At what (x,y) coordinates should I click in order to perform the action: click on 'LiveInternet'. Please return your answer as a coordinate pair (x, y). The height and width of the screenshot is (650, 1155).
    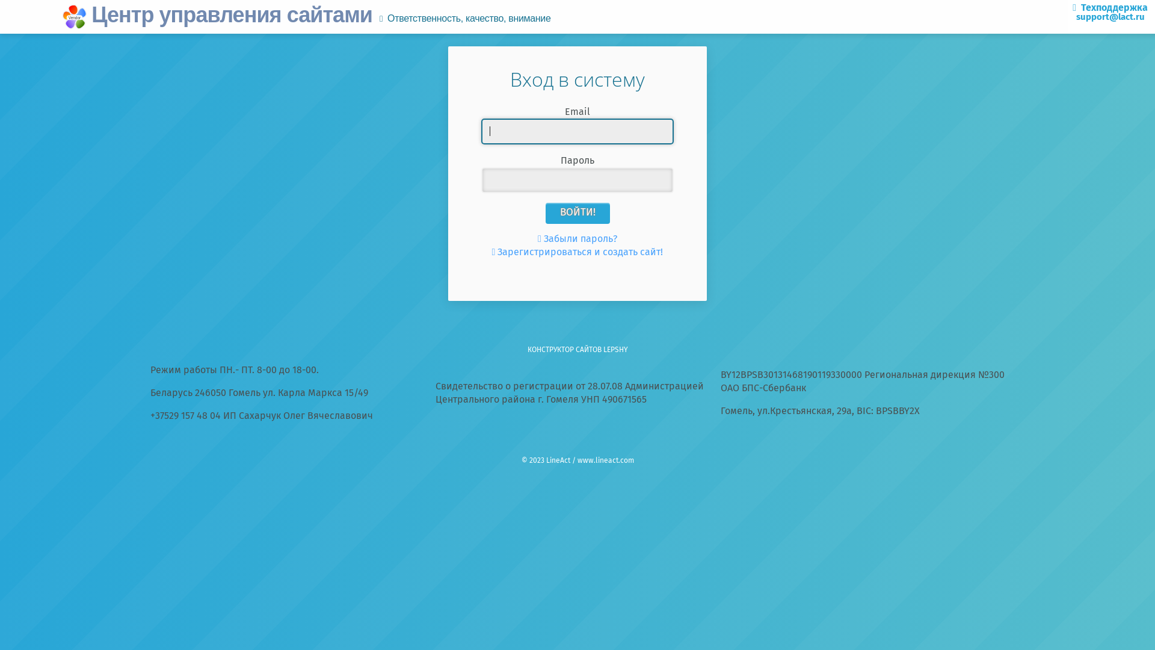
    Looking at the image, I should click on (576, 439).